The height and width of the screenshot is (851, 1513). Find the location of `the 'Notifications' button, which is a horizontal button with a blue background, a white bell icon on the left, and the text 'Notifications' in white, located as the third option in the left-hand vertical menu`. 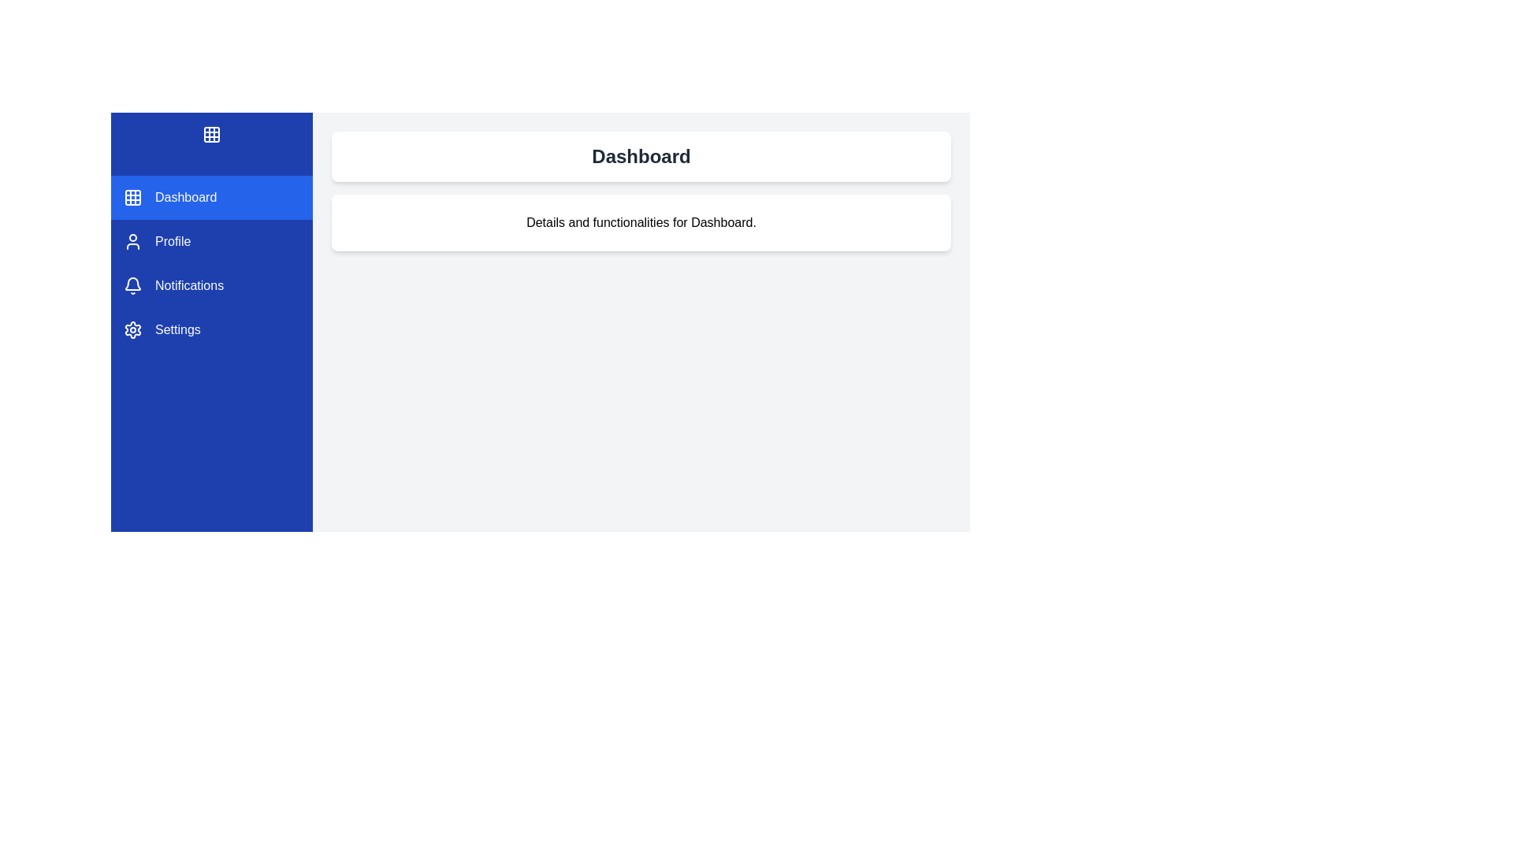

the 'Notifications' button, which is a horizontal button with a blue background, a white bell icon on the left, and the text 'Notifications' in white, located as the third option in the left-hand vertical menu is located at coordinates (210, 285).